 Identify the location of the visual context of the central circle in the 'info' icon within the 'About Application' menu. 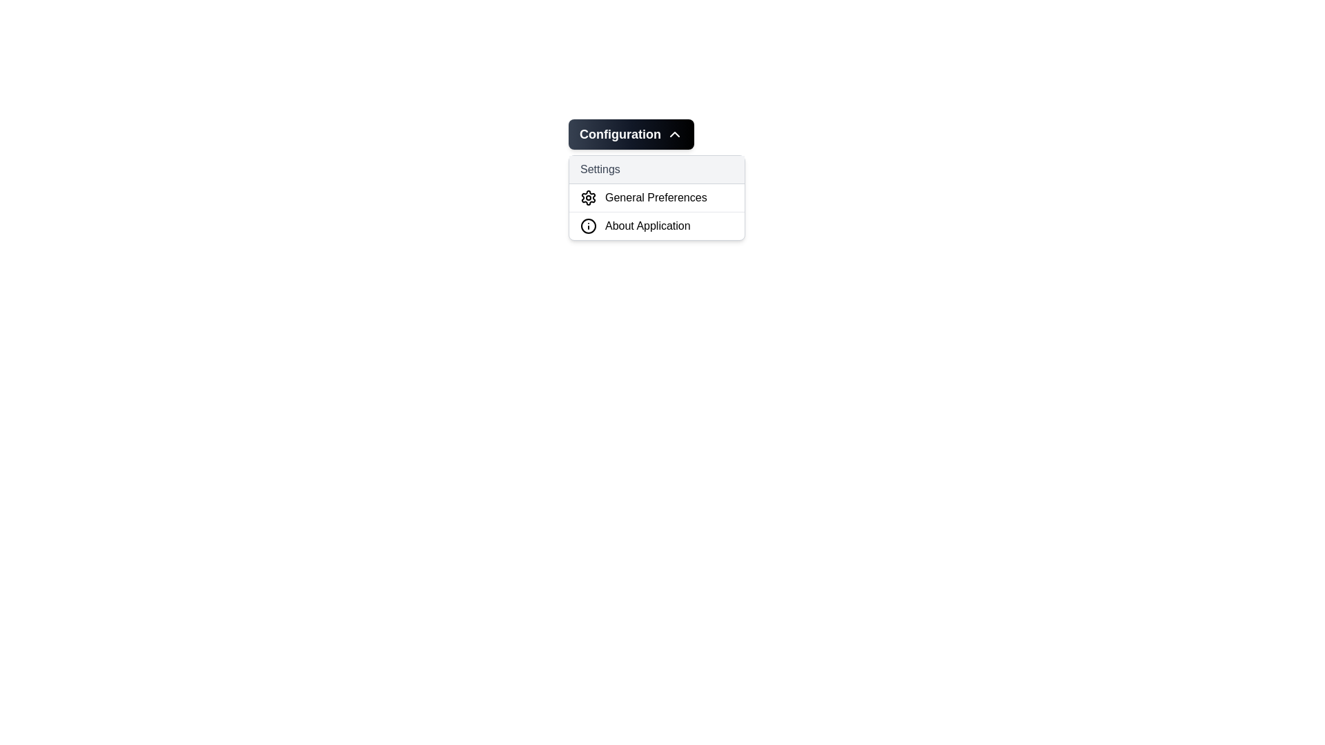
(589, 225).